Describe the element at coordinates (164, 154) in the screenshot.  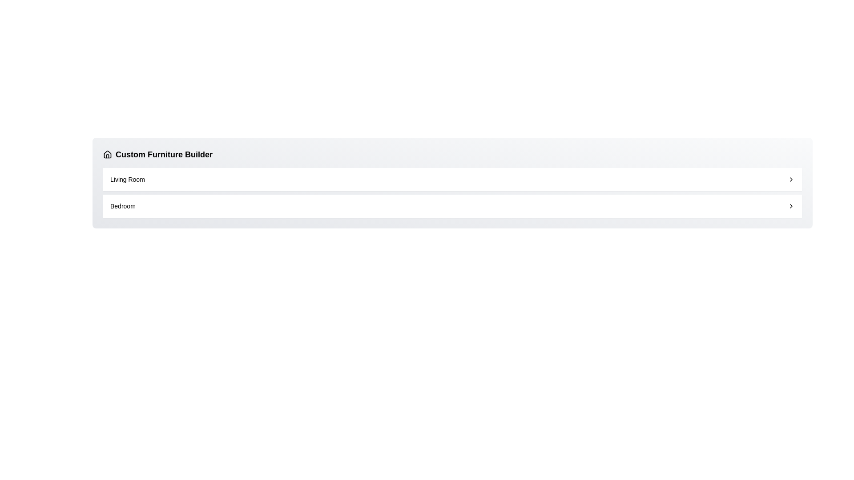
I see `the static text label that serves as a title or header for the custom furniture builder, located to the right of the home icon in the header section` at that location.